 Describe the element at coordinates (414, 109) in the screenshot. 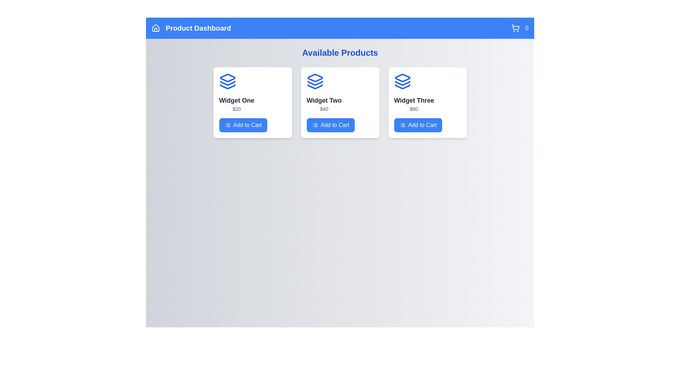

I see `the price text label associated with the 'Widget Three' card, which is located beneath the title and above the 'Add to Cart' button in the rightmost product card` at that location.